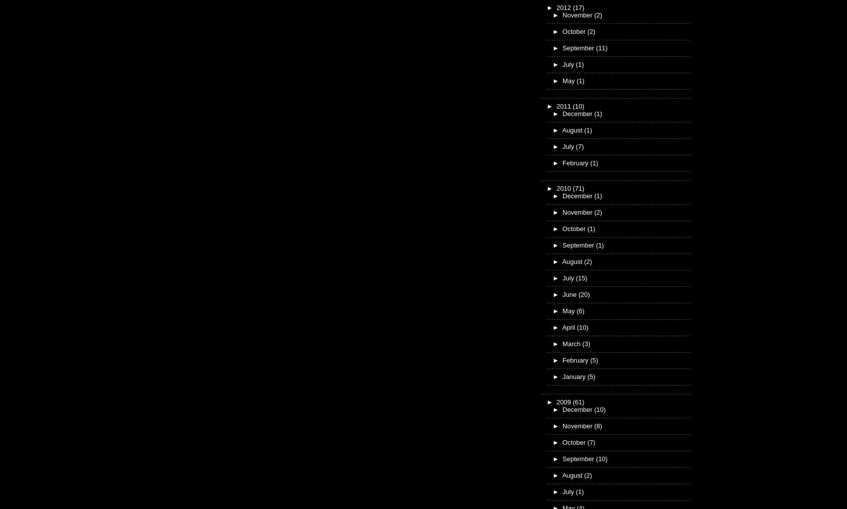  What do you see at coordinates (576, 310) in the screenshot?
I see `'(6)'` at bounding box center [576, 310].